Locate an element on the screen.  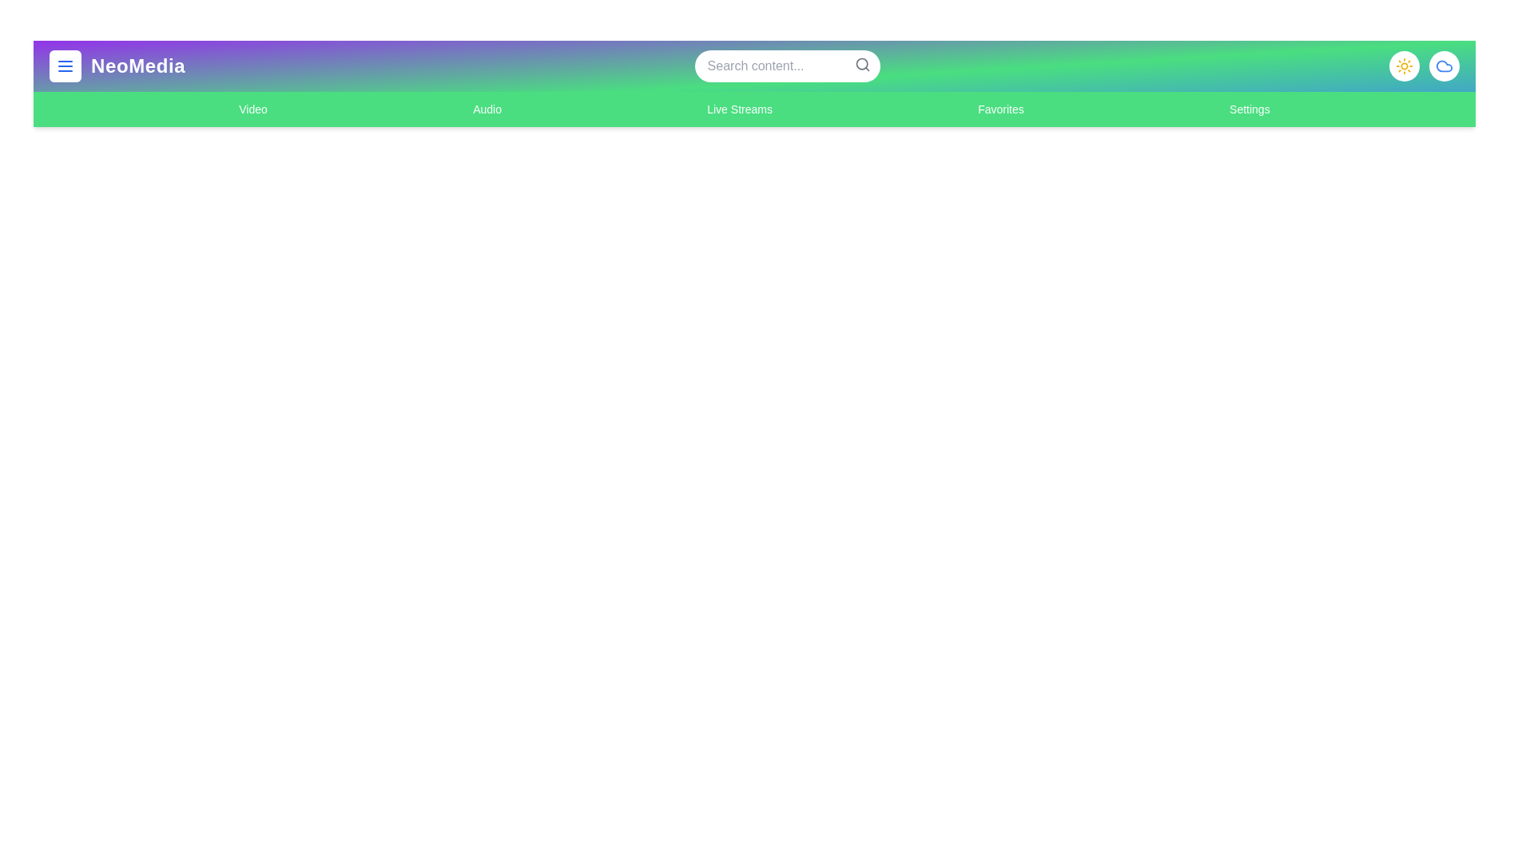
the navigation link for Live Streams to switch to that section is located at coordinates (739, 109).